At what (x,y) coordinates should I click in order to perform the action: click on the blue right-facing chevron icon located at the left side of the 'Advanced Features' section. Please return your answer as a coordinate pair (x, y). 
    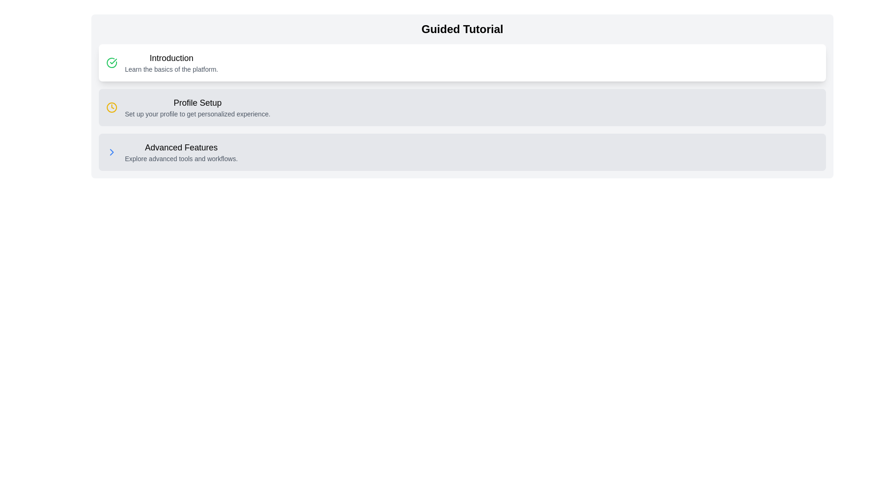
    Looking at the image, I should click on (112, 152).